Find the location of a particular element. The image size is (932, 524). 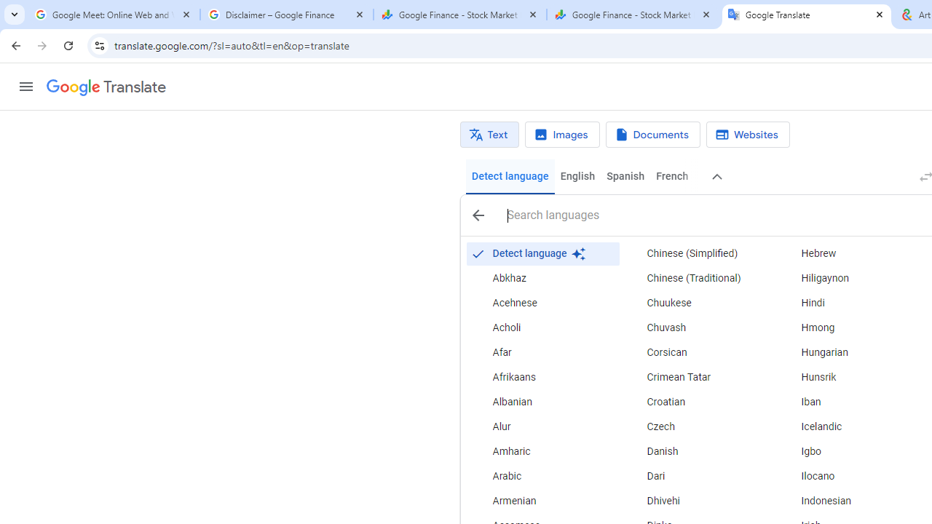

'French' is located at coordinates (671, 176).